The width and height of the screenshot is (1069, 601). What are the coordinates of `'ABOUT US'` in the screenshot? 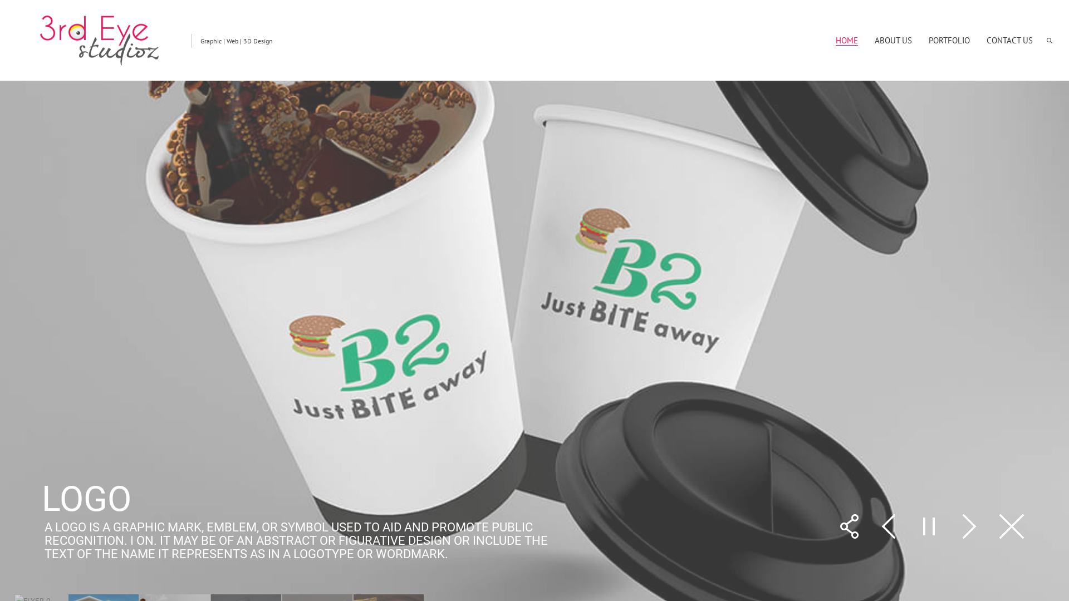 It's located at (893, 40).